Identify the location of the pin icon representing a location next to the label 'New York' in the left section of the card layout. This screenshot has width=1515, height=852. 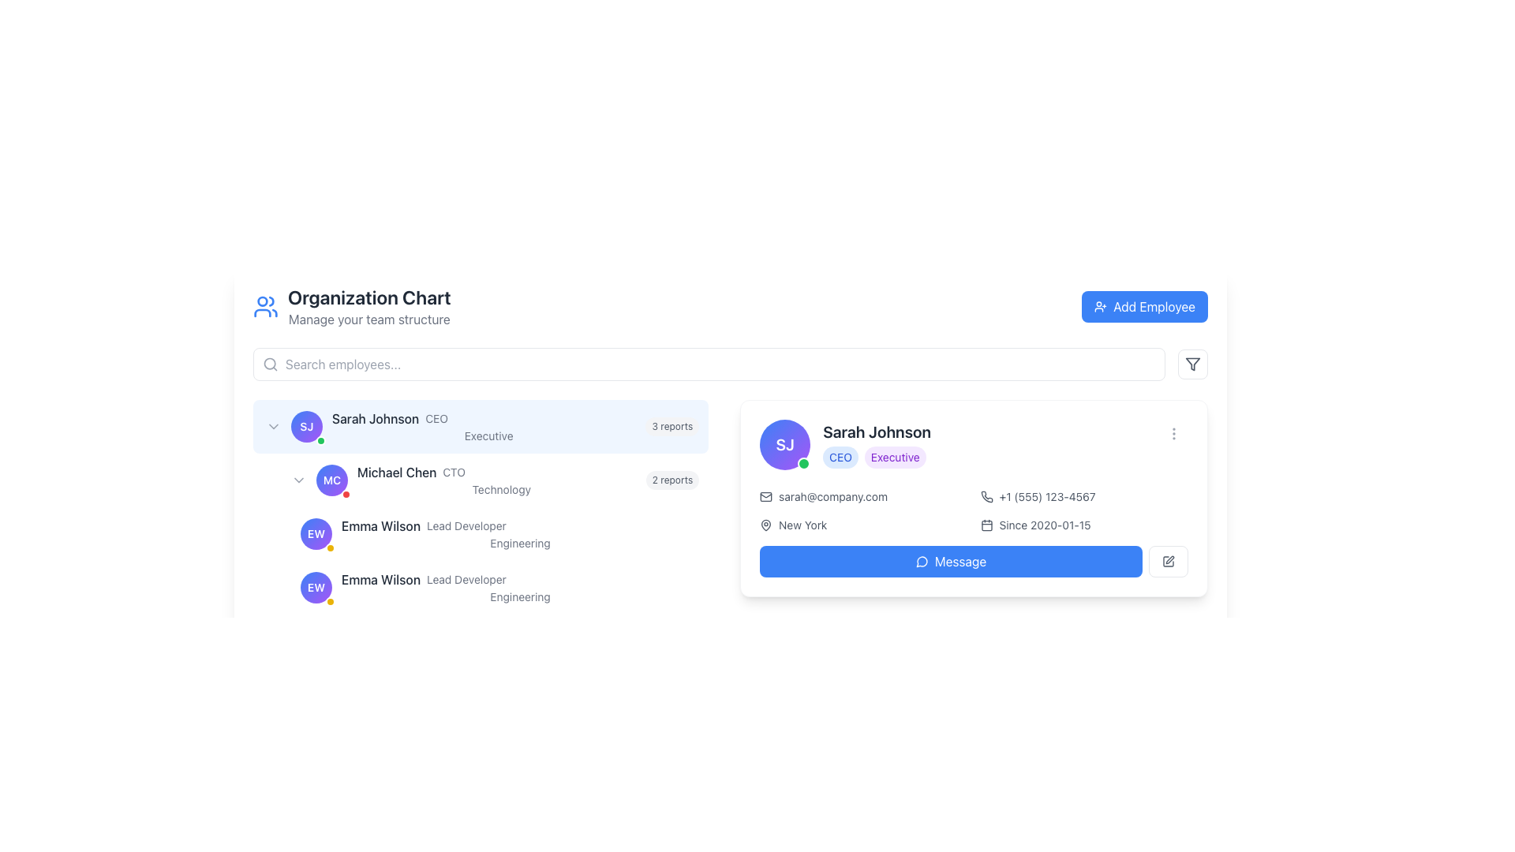
(766, 525).